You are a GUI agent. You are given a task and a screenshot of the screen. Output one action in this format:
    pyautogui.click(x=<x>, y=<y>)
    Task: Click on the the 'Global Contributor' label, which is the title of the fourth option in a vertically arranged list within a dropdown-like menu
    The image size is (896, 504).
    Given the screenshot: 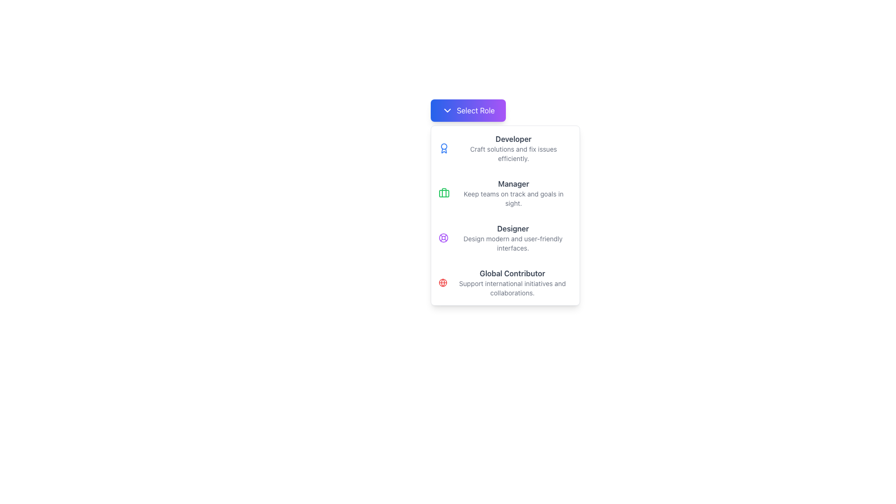 What is the action you would take?
    pyautogui.click(x=512, y=273)
    